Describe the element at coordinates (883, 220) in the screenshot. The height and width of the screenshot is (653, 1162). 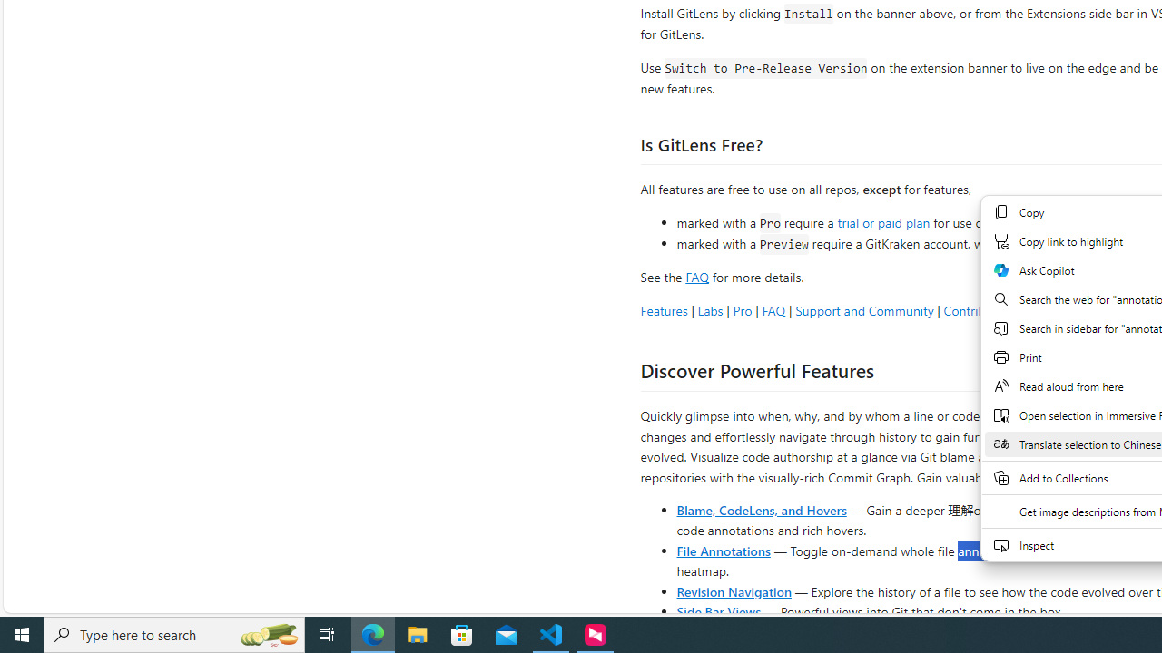
I see `'trial or paid plan'` at that location.